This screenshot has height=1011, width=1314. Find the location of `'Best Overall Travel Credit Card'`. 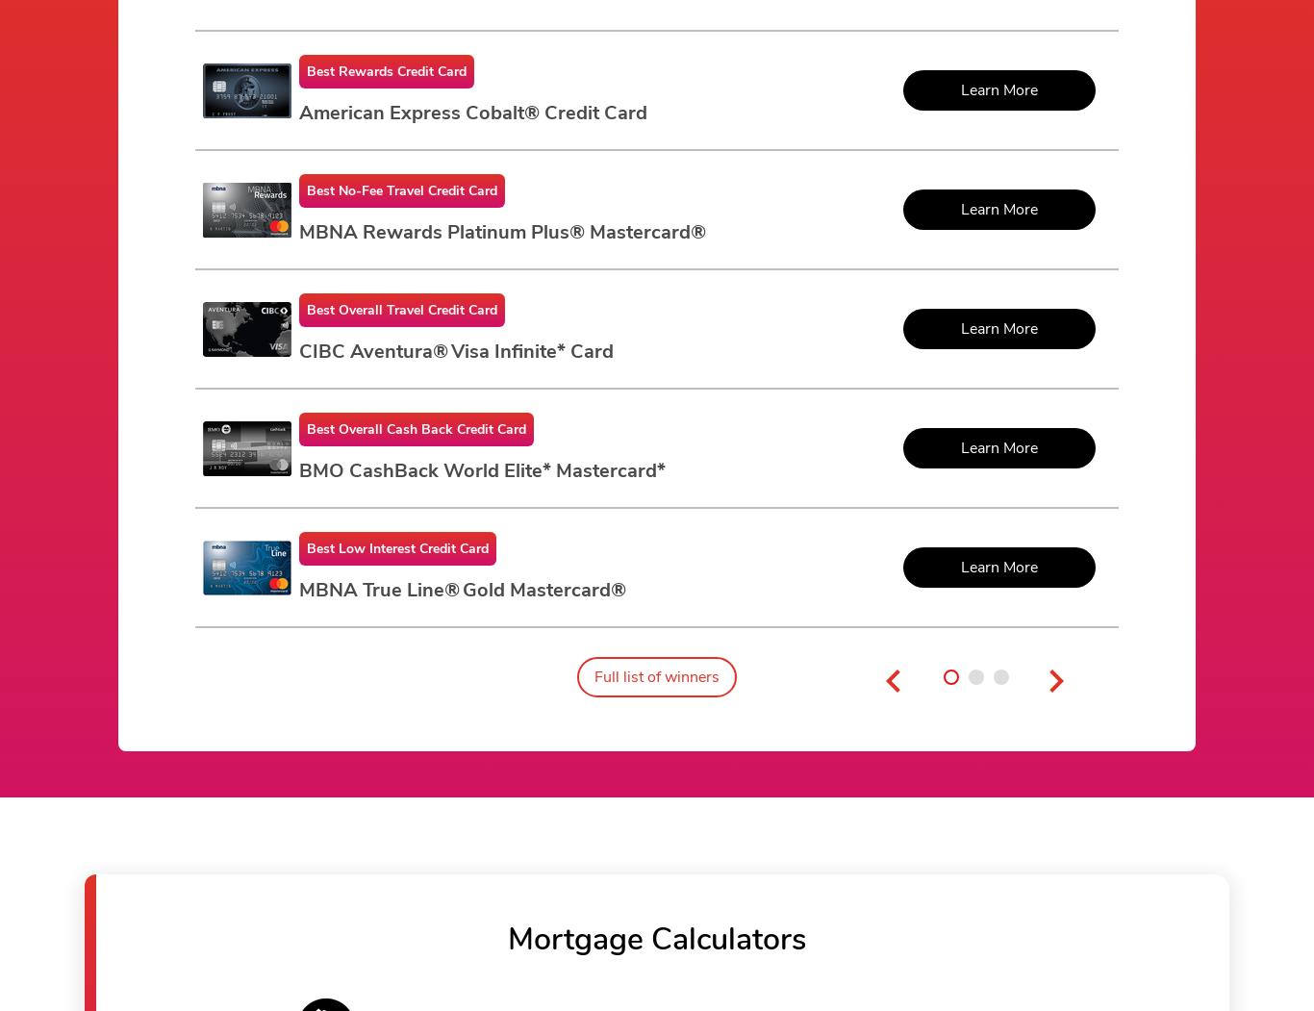

'Best Overall Travel Credit Card' is located at coordinates (400, 309).